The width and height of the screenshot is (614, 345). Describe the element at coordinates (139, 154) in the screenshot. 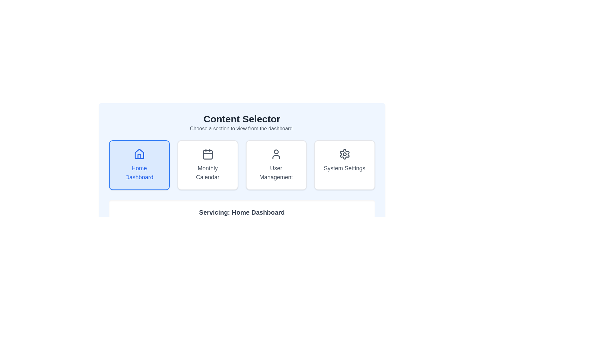

I see `the stylized house icon outlined with blue strokes on a pale background, located at the top of the 'Home Dashboard' interactive card, as a visual cue` at that location.